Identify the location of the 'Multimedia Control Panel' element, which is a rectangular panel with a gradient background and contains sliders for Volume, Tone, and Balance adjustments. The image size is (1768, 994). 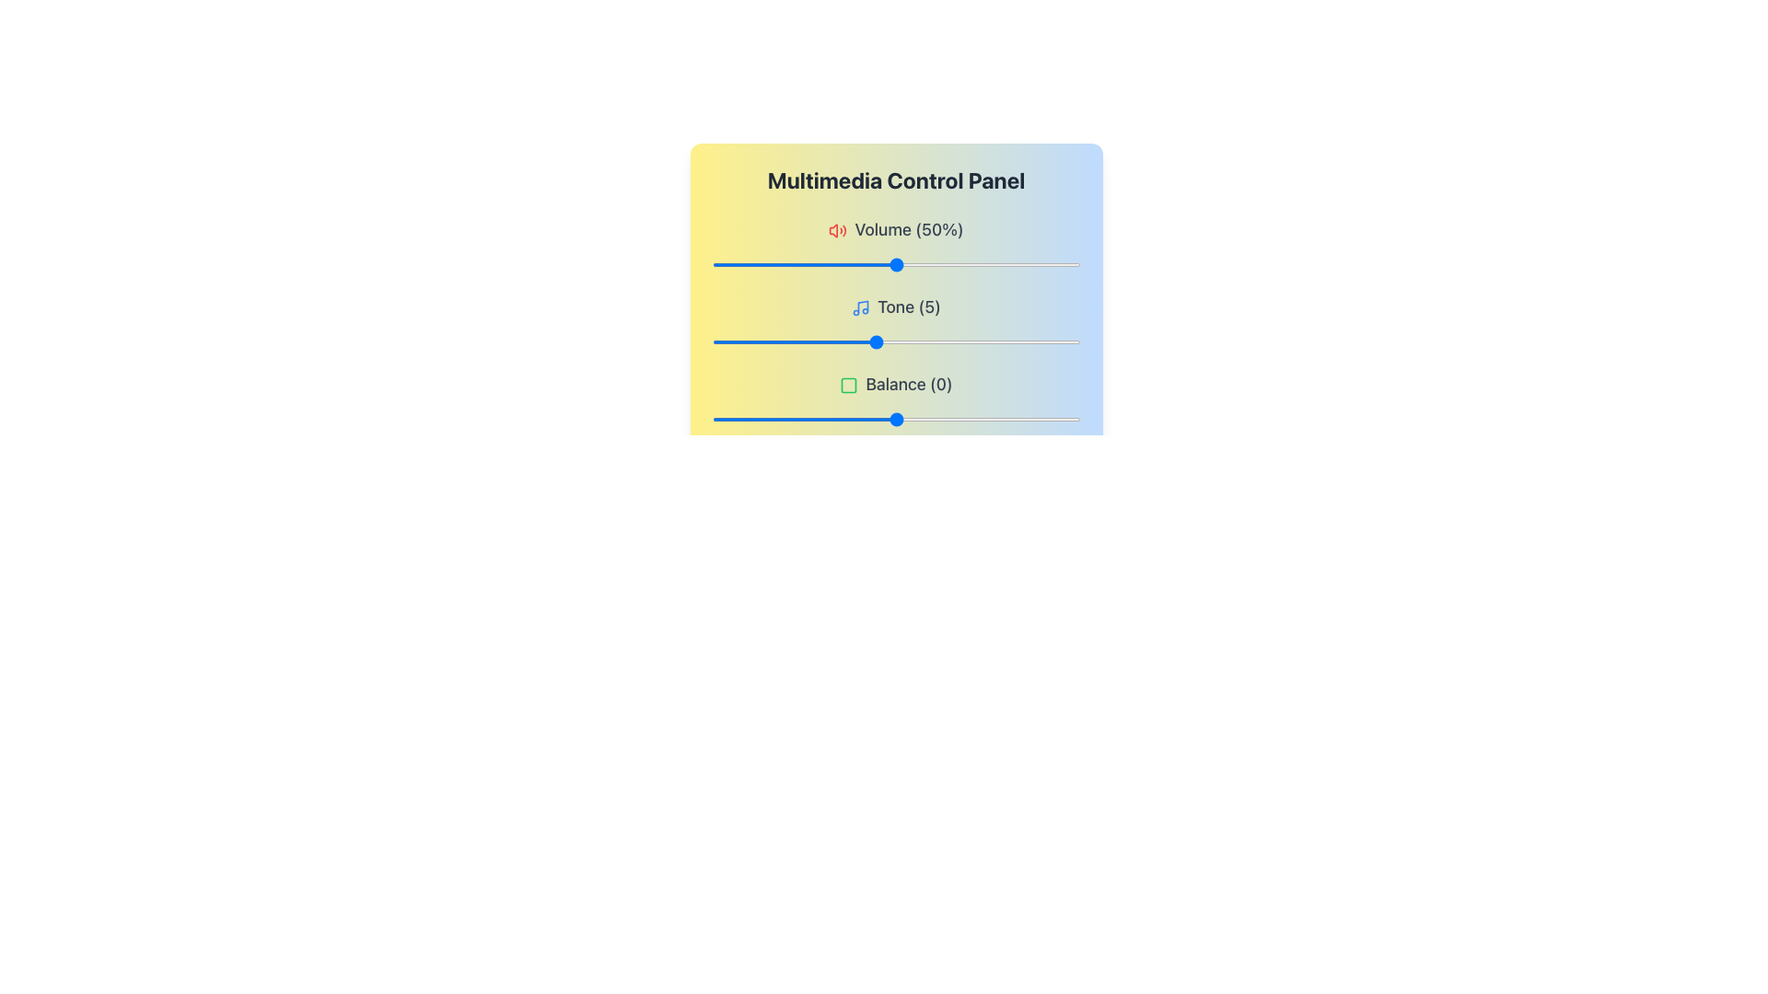
(896, 329).